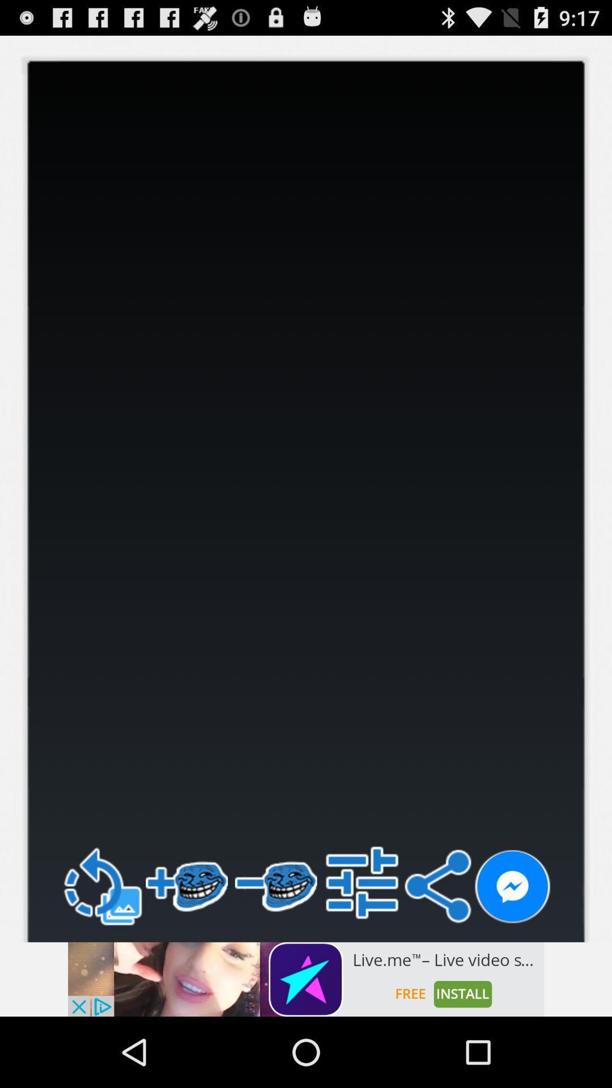 The width and height of the screenshot is (612, 1088). What do you see at coordinates (362, 945) in the screenshot?
I see `the sliders icon` at bounding box center [362, 945].